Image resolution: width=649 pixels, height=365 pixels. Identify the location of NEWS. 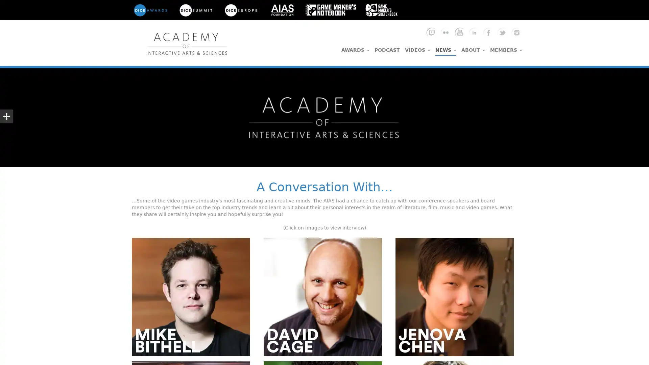
(446, 48).